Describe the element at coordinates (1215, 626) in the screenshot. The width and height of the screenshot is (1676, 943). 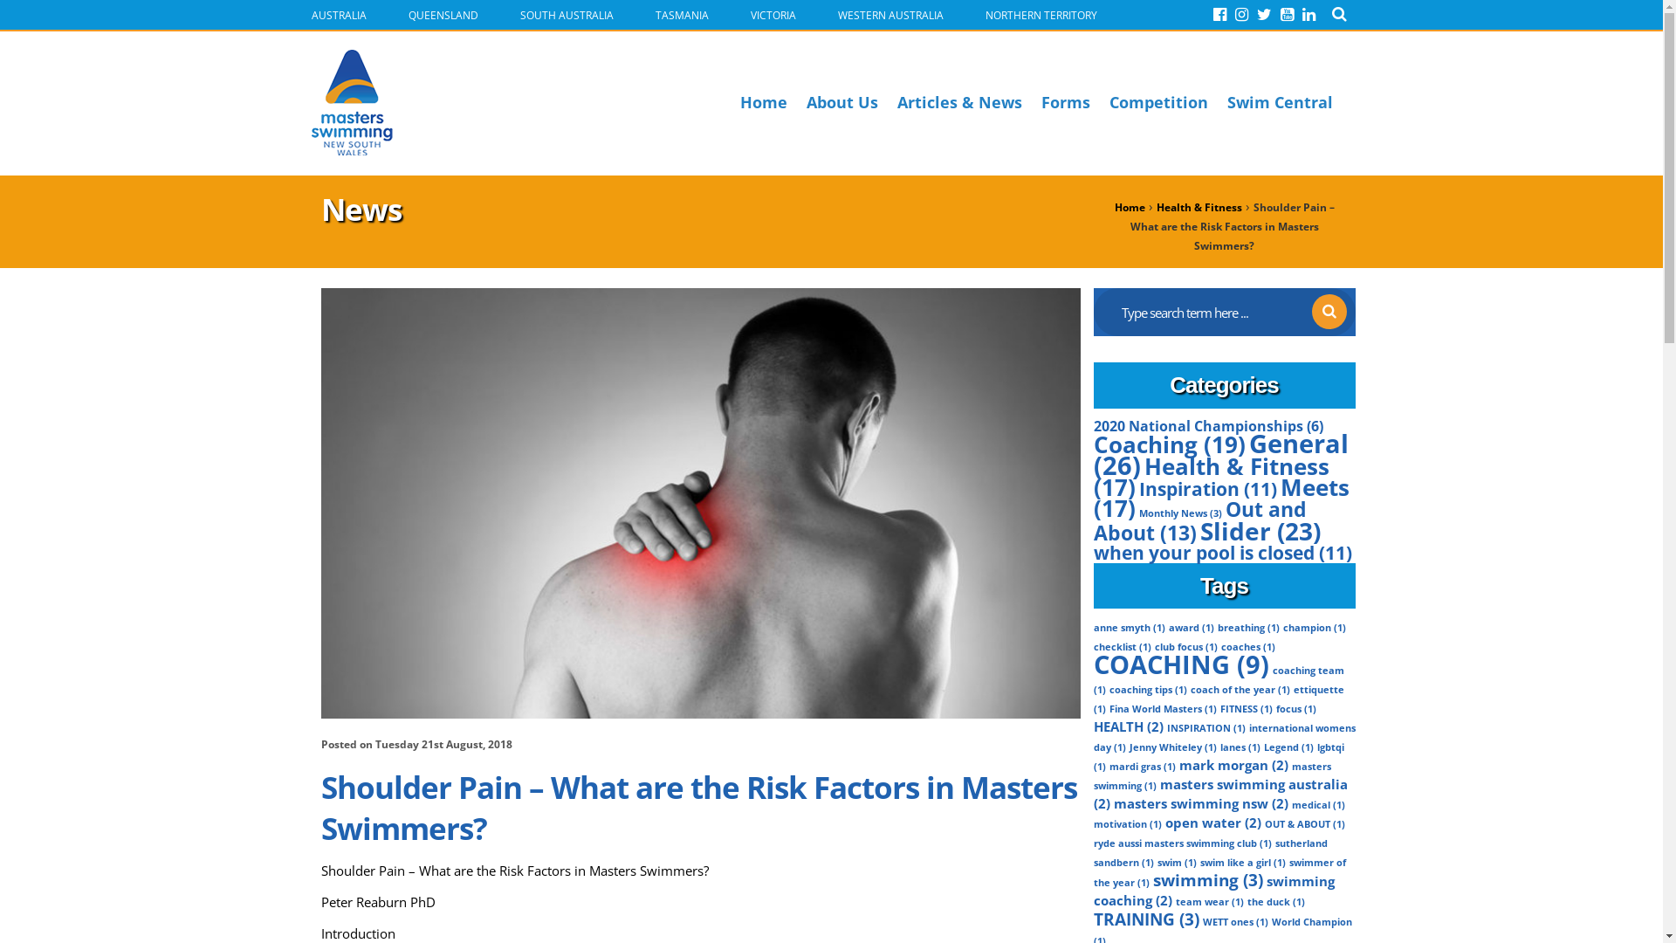
I see `'breathing (1)'` at that location.